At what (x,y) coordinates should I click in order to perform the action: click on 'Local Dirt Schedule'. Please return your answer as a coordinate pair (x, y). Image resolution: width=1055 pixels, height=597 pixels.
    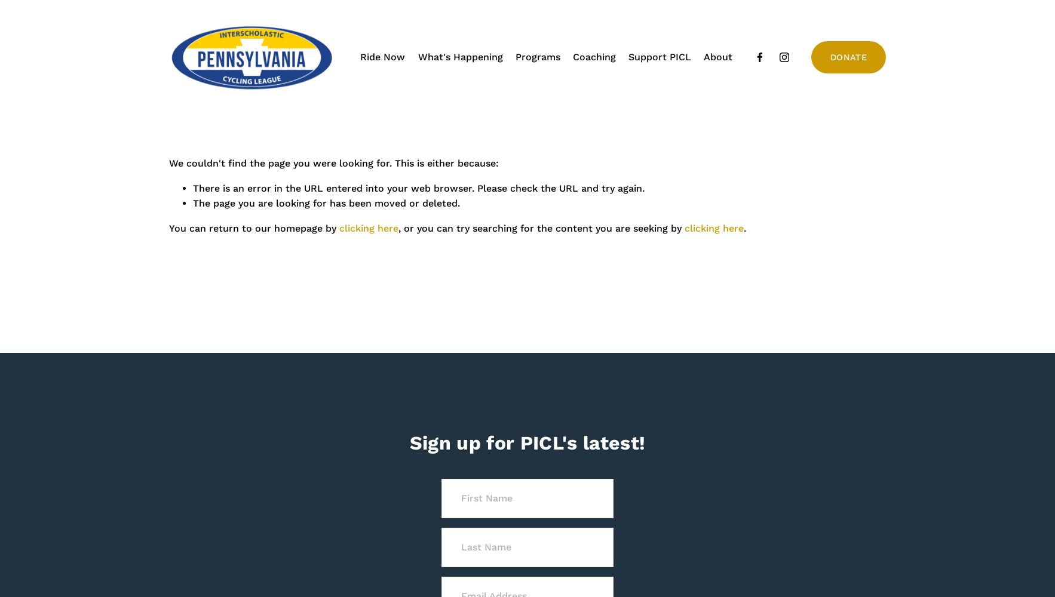
    Looking at the image, I should click on (456, 91).